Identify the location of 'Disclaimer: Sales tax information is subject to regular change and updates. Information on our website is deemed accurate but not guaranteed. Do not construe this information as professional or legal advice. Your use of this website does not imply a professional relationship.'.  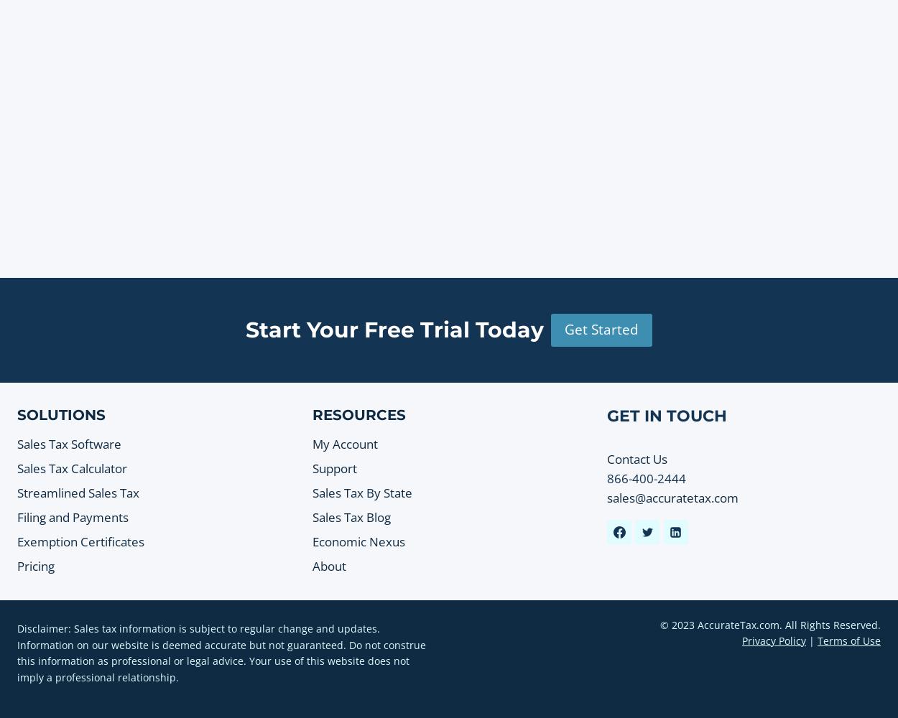
(221, 653).